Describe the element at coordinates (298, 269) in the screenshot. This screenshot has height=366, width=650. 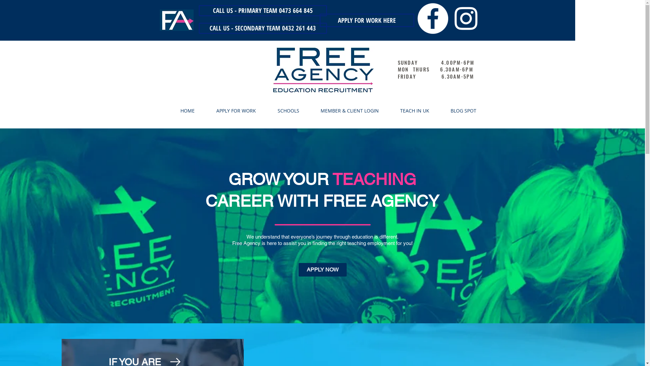
I see `'APPLY NOW'` at that location.